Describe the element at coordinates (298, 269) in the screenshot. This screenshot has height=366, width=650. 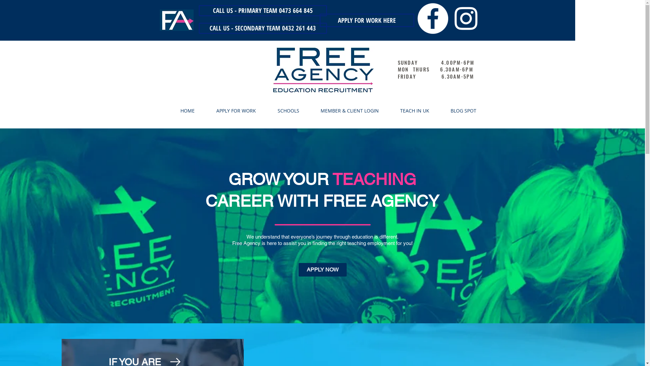
I see `'APPLY NOW'` at that location.